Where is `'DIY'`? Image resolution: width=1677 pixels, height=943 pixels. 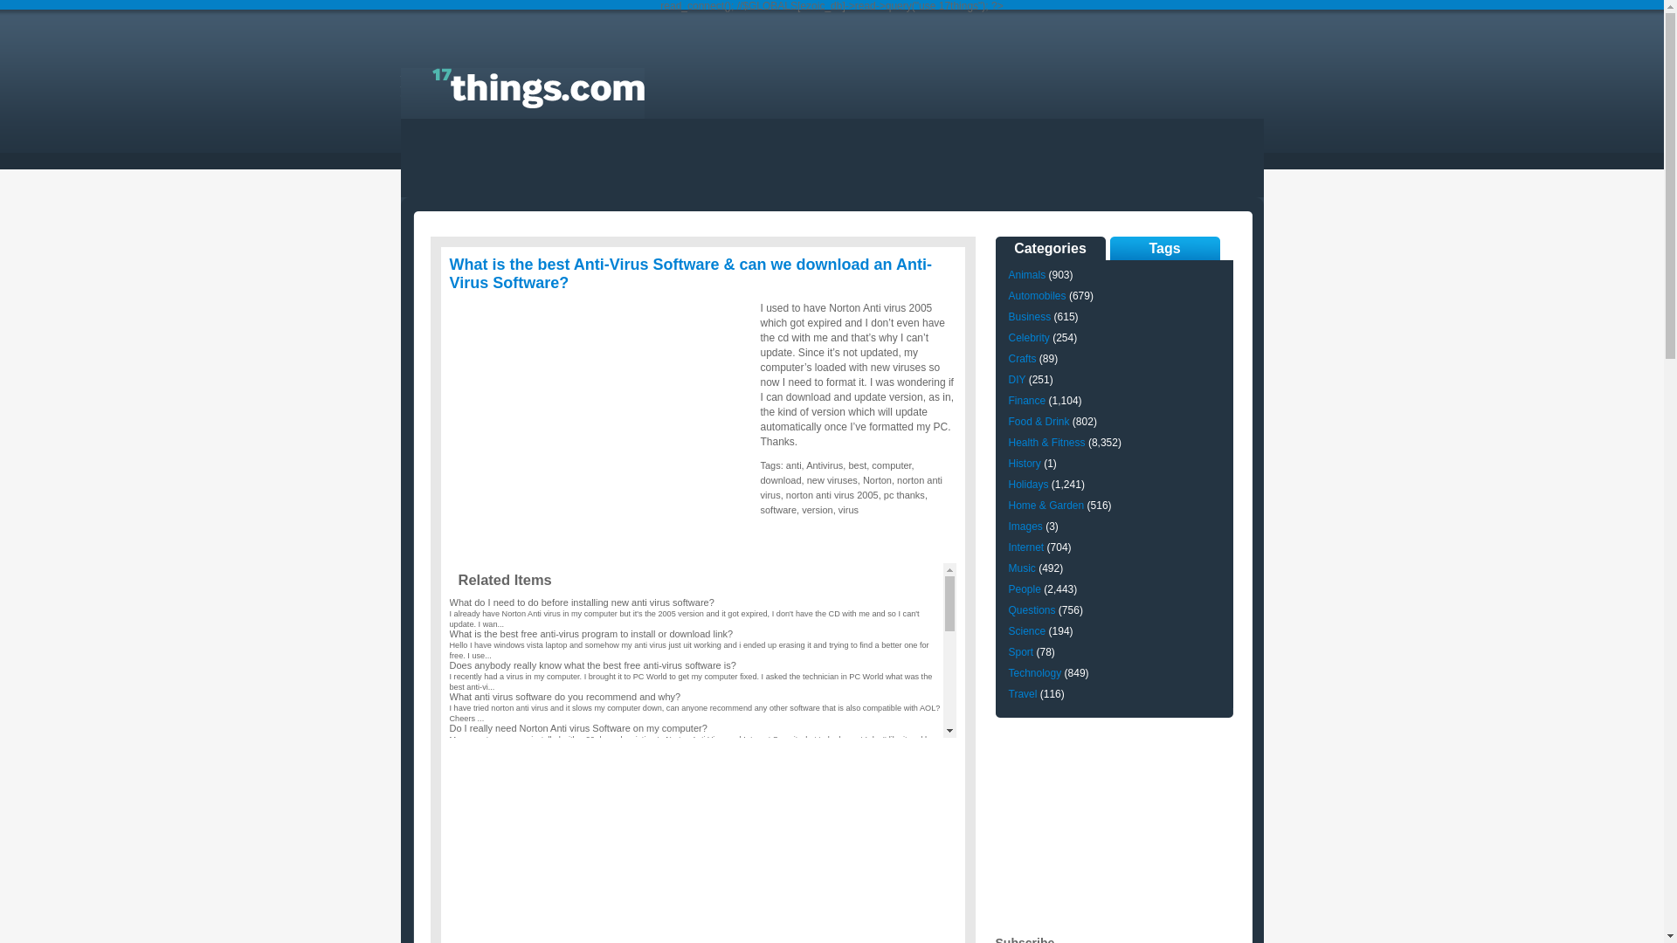 'DIY' is located at coordinates (1016, 379).